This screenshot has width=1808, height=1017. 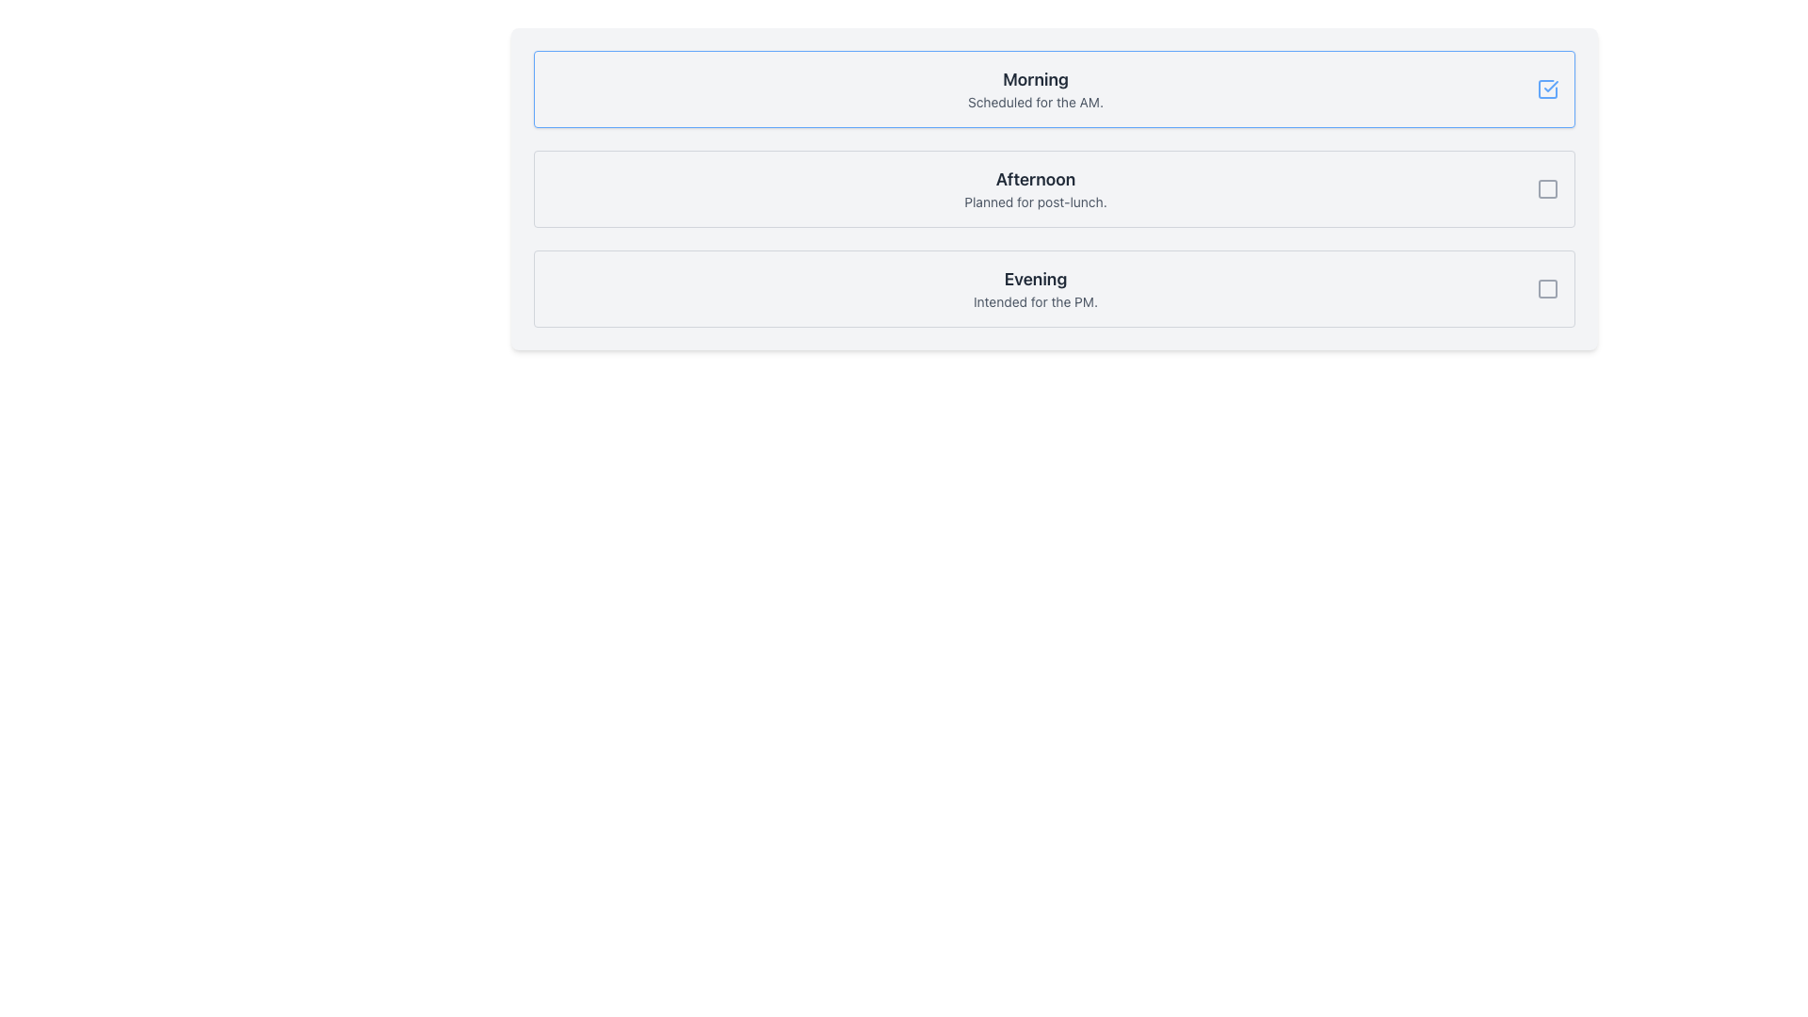 I want to click on the text block displaying 'Afternoon' with the description 'Planned for post-lunch', so click(x=1034, y=188).